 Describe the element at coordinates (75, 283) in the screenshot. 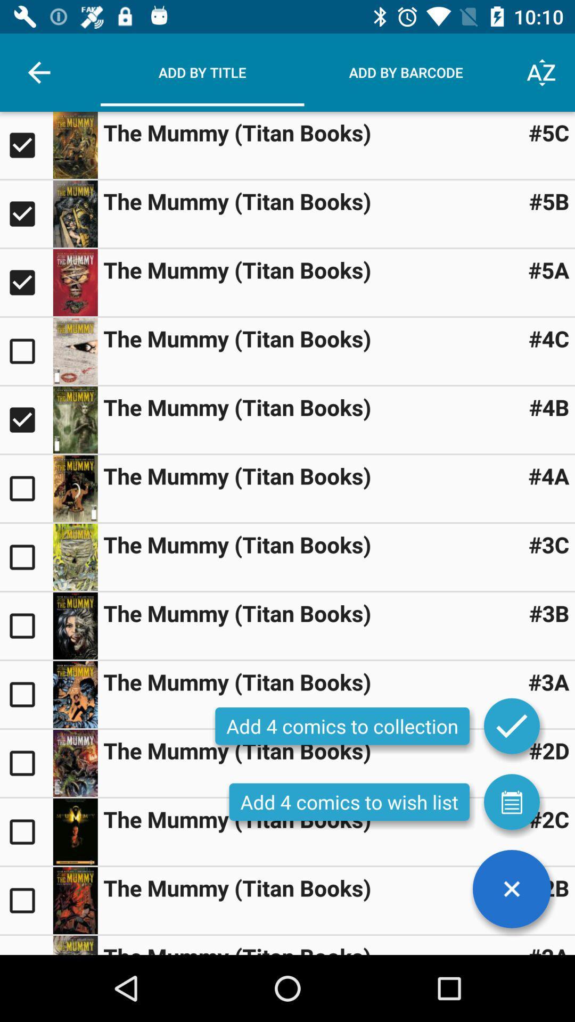

I see `enlarge image` at that location.